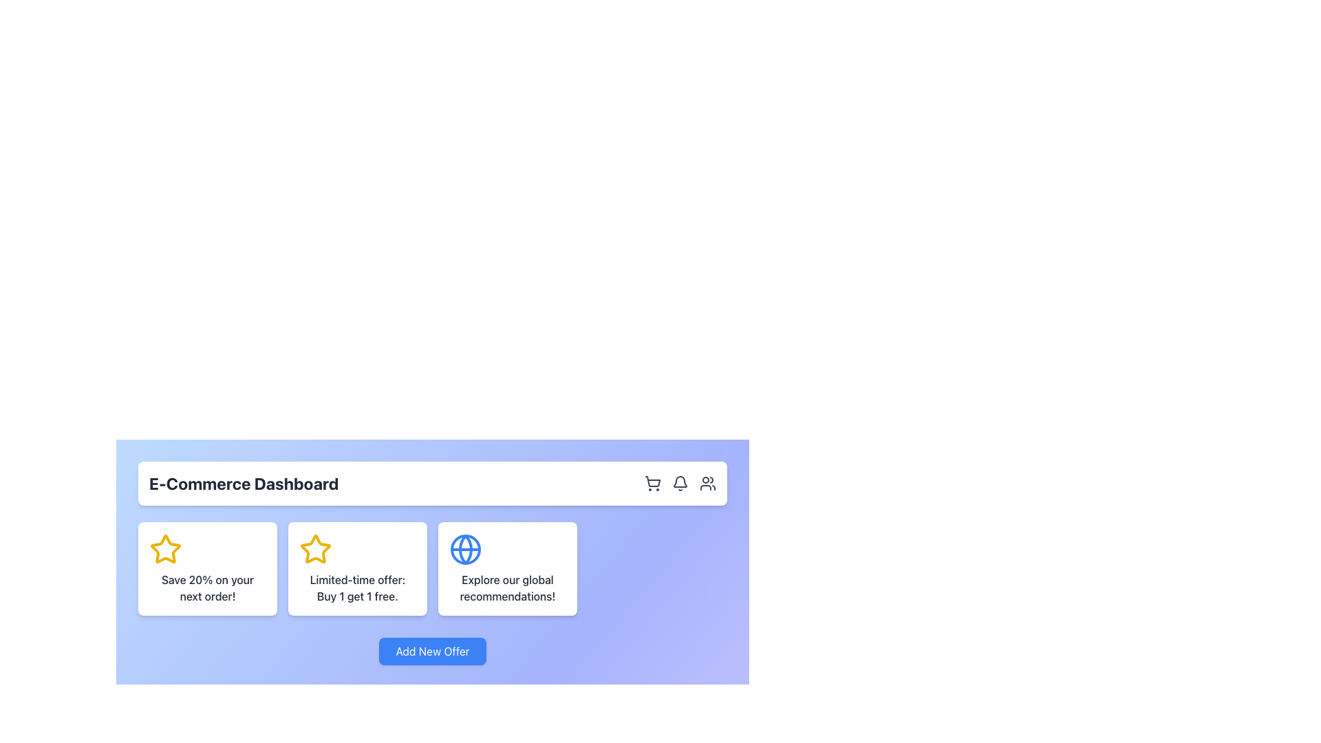 This screenshot has height=743, width=1321. I want to click on the first Informational Card that contains a large yellow star icon and the text 'Save 20% on your next order!' positioned at the top left corner of the grid, so click(207, 568).